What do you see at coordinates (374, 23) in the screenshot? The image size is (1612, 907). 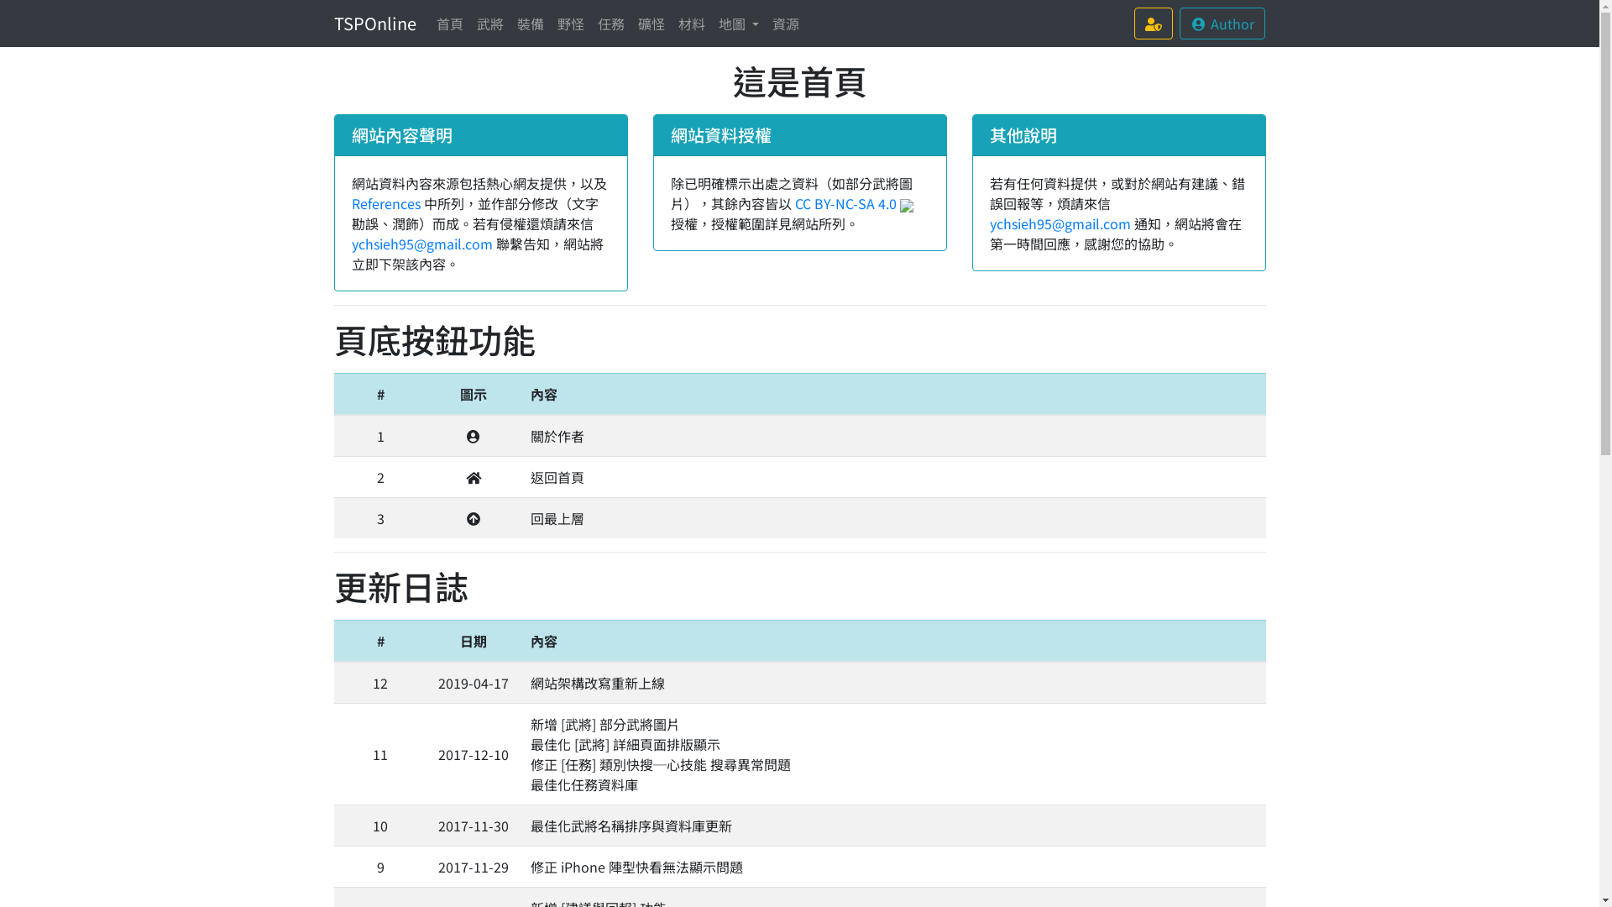 I see `'TSPOnline'` at bounding box center [374, 23].